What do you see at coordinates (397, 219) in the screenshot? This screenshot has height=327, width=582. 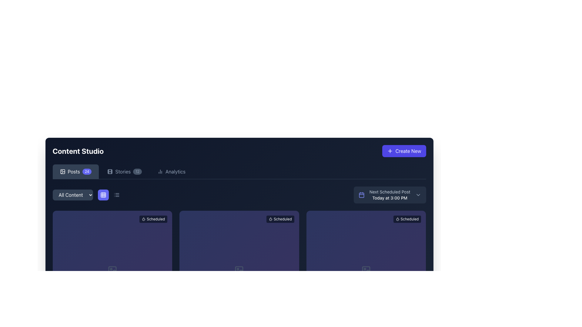 I see `the scheduled status icon located to the left of the text 'Scheduled' in the upper-right corner of the card layout` at bounding box center [397, 219].